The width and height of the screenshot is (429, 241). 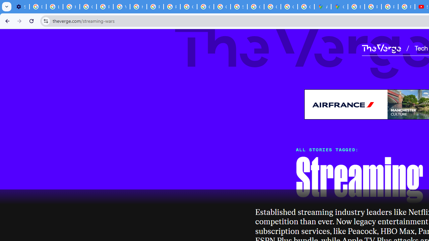 What do you see at coordinates (421, 47) in the screenshot?
I see `'Tech'` at bounding box center [421, 47].